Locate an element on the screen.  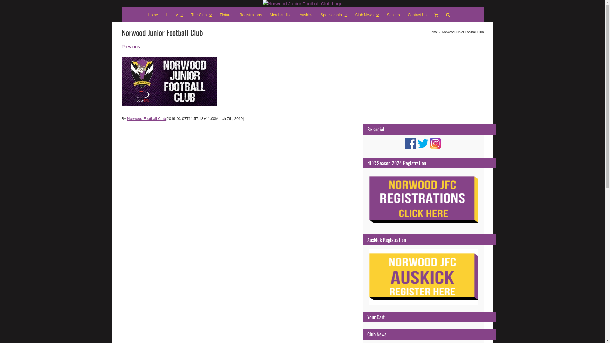
'History' is located at coordinates (174, 14).